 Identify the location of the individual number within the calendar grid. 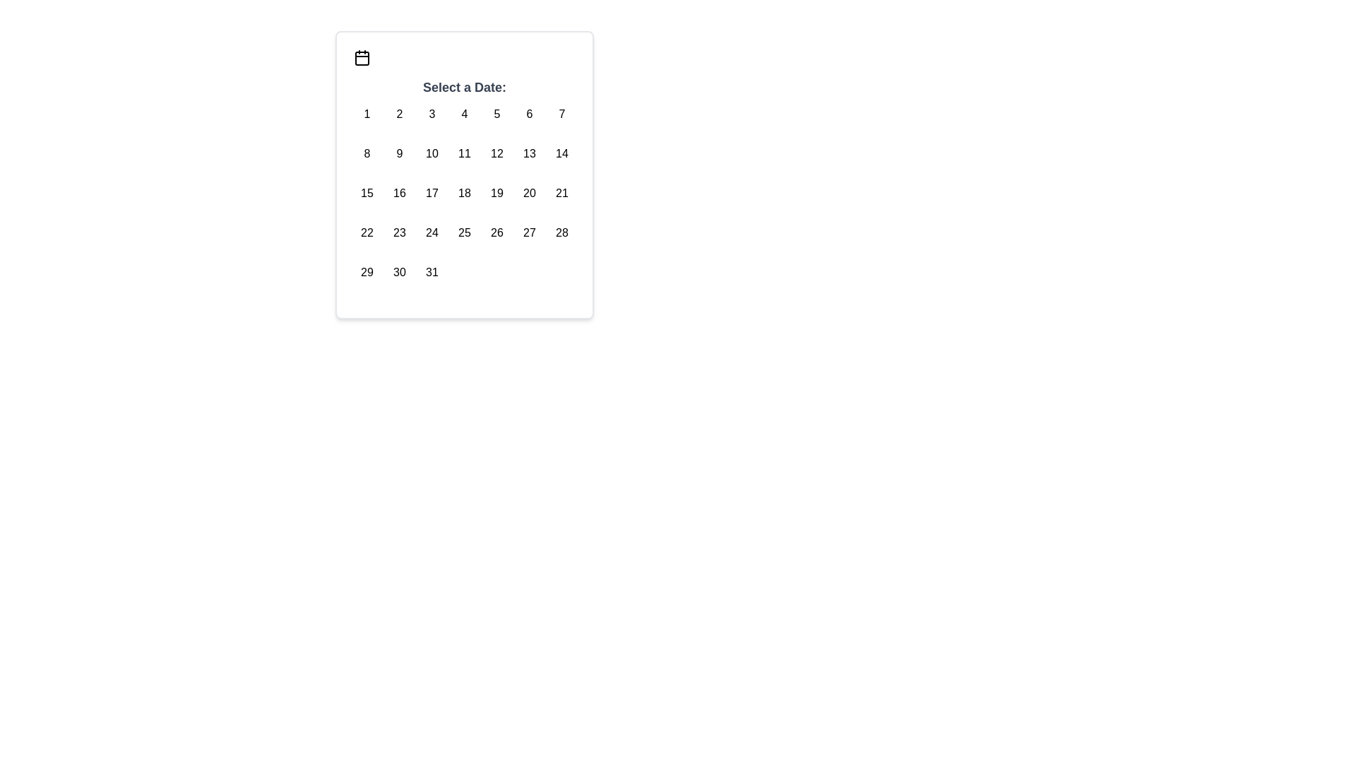
(464, 193).